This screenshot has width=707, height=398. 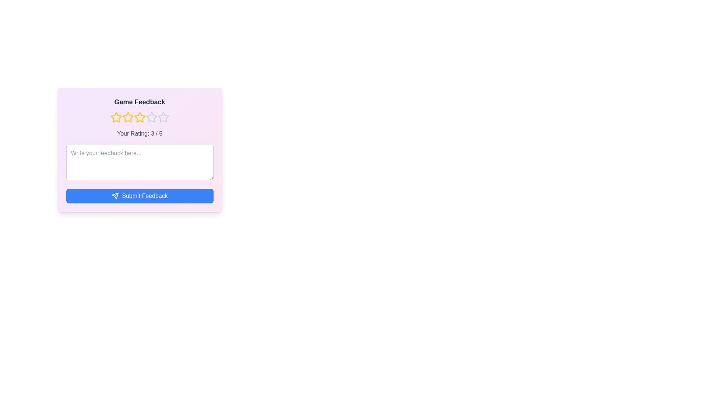 What do you see at coordinates (140, 117) in the screenshot?
I see `the rating to 3 stars by clicking on the corresponding star` at bounding box center [140, 117].